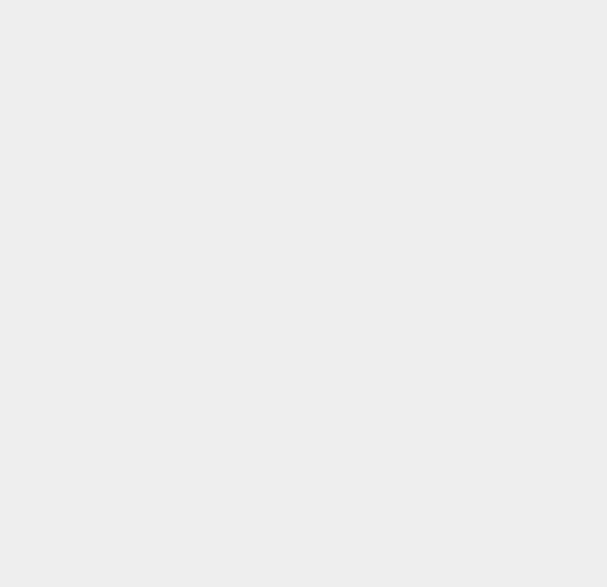  What do you see at coordinates (447, 291) in the screenshot?
I see `'Chromium'` at bounding box center [447, 291].